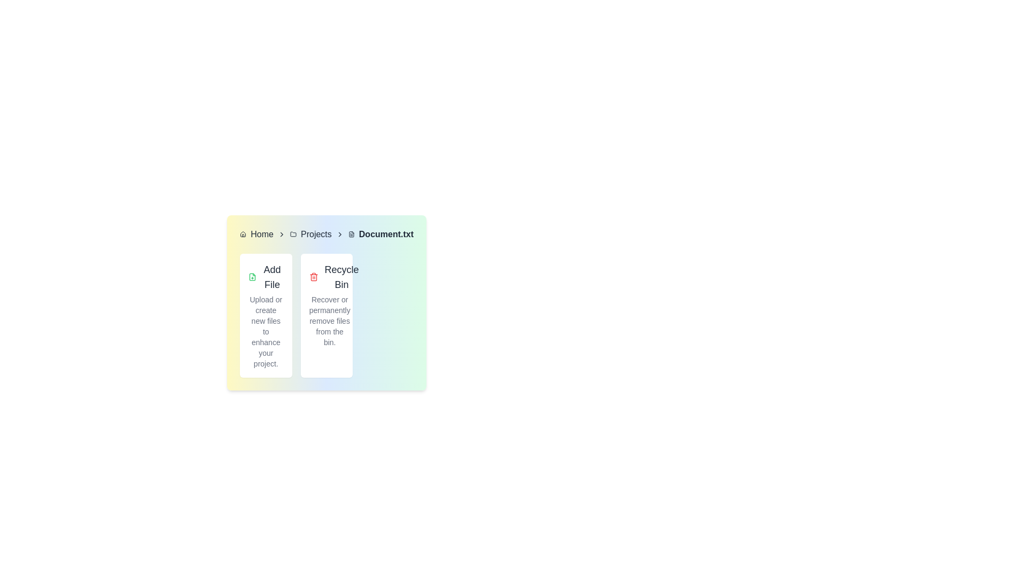 The width and height of the screenshot is (1026, 577). What do you see at coordinates (329, 321) in the screenshot?
I see `the text label displaying the message 'Recover or permanently remove files from the bin.' which is styled in a small, gray-colored font and located below the title 'Recycle Bin'` at bounding box center [329, 321].